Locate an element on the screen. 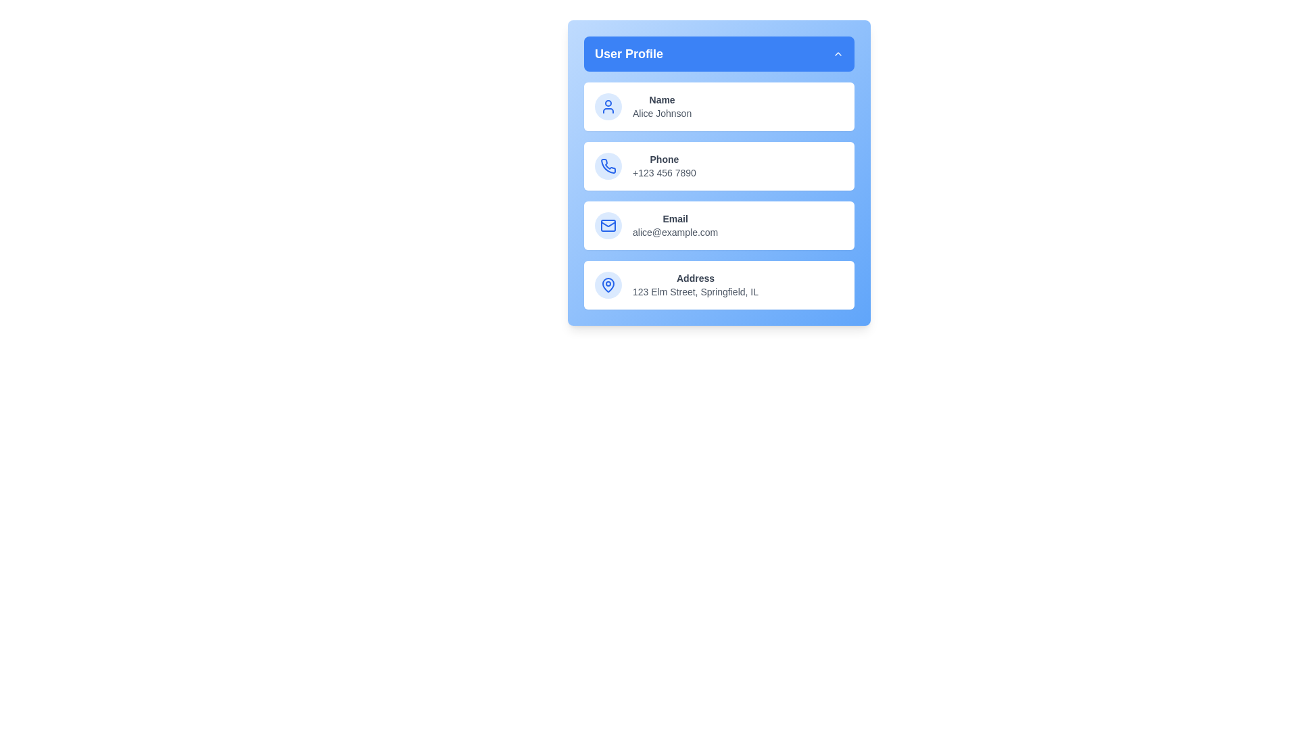 This screenshot has height=730, width=1298. the text label displaying the address '123 Elm Street, Springfield, IL', which is located beneath the bolded 'Address' label within the user profile card is located at coordinates (695, 291).